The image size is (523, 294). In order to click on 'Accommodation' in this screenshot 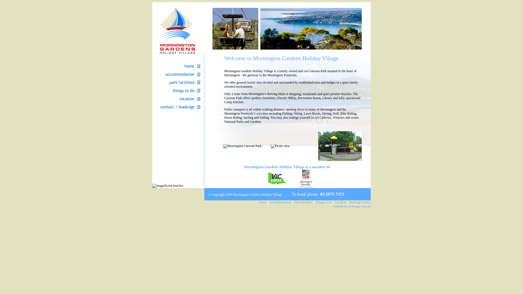, I will do `click(280, 202)`.